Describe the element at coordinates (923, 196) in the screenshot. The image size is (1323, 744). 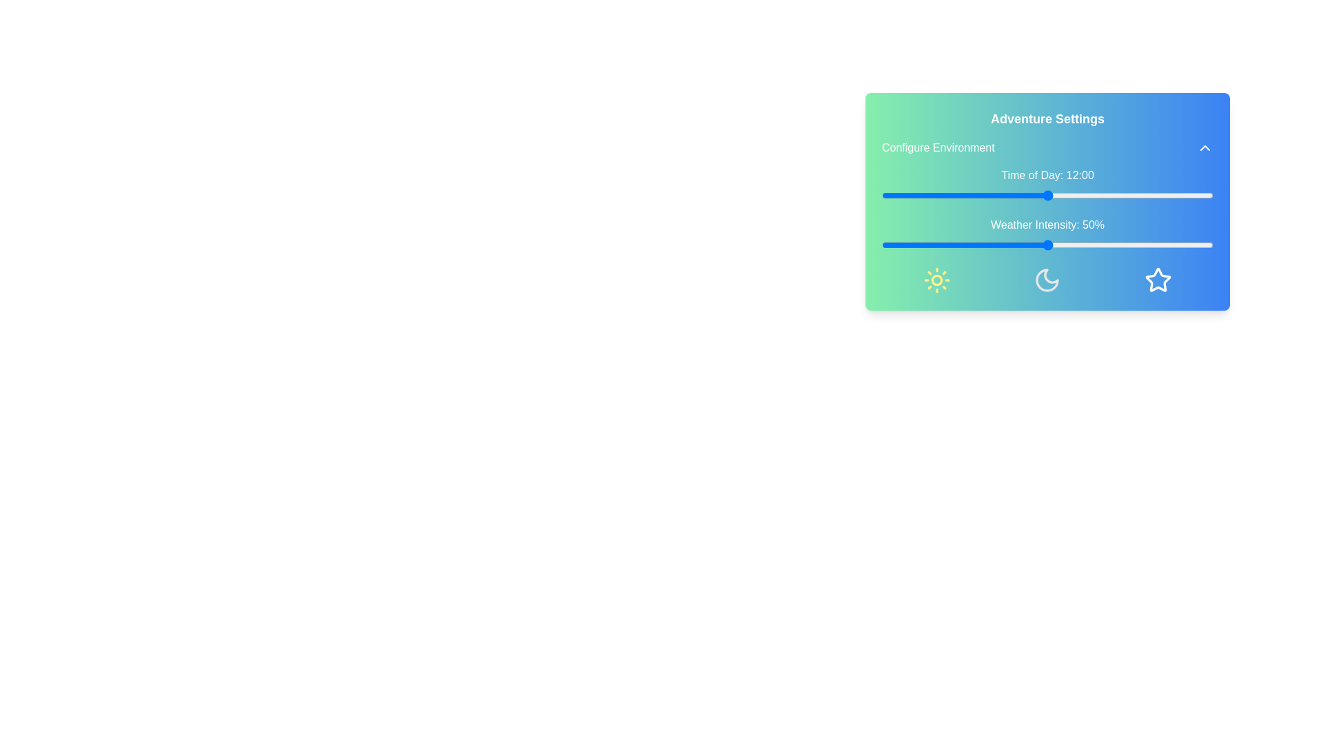
I see `the 'Time of Day' slider to 3 hours` at that location.